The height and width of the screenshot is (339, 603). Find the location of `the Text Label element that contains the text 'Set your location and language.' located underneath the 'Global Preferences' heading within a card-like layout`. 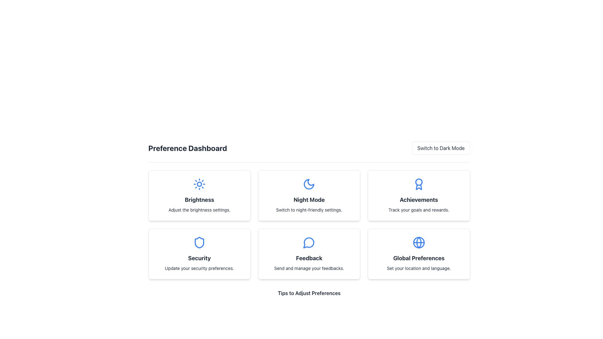

the Text Label element that contains the text 'Set your location and language.' located underneath the 'Global Preferences' heading within a card-like layout is located at coordinates (419, 268).